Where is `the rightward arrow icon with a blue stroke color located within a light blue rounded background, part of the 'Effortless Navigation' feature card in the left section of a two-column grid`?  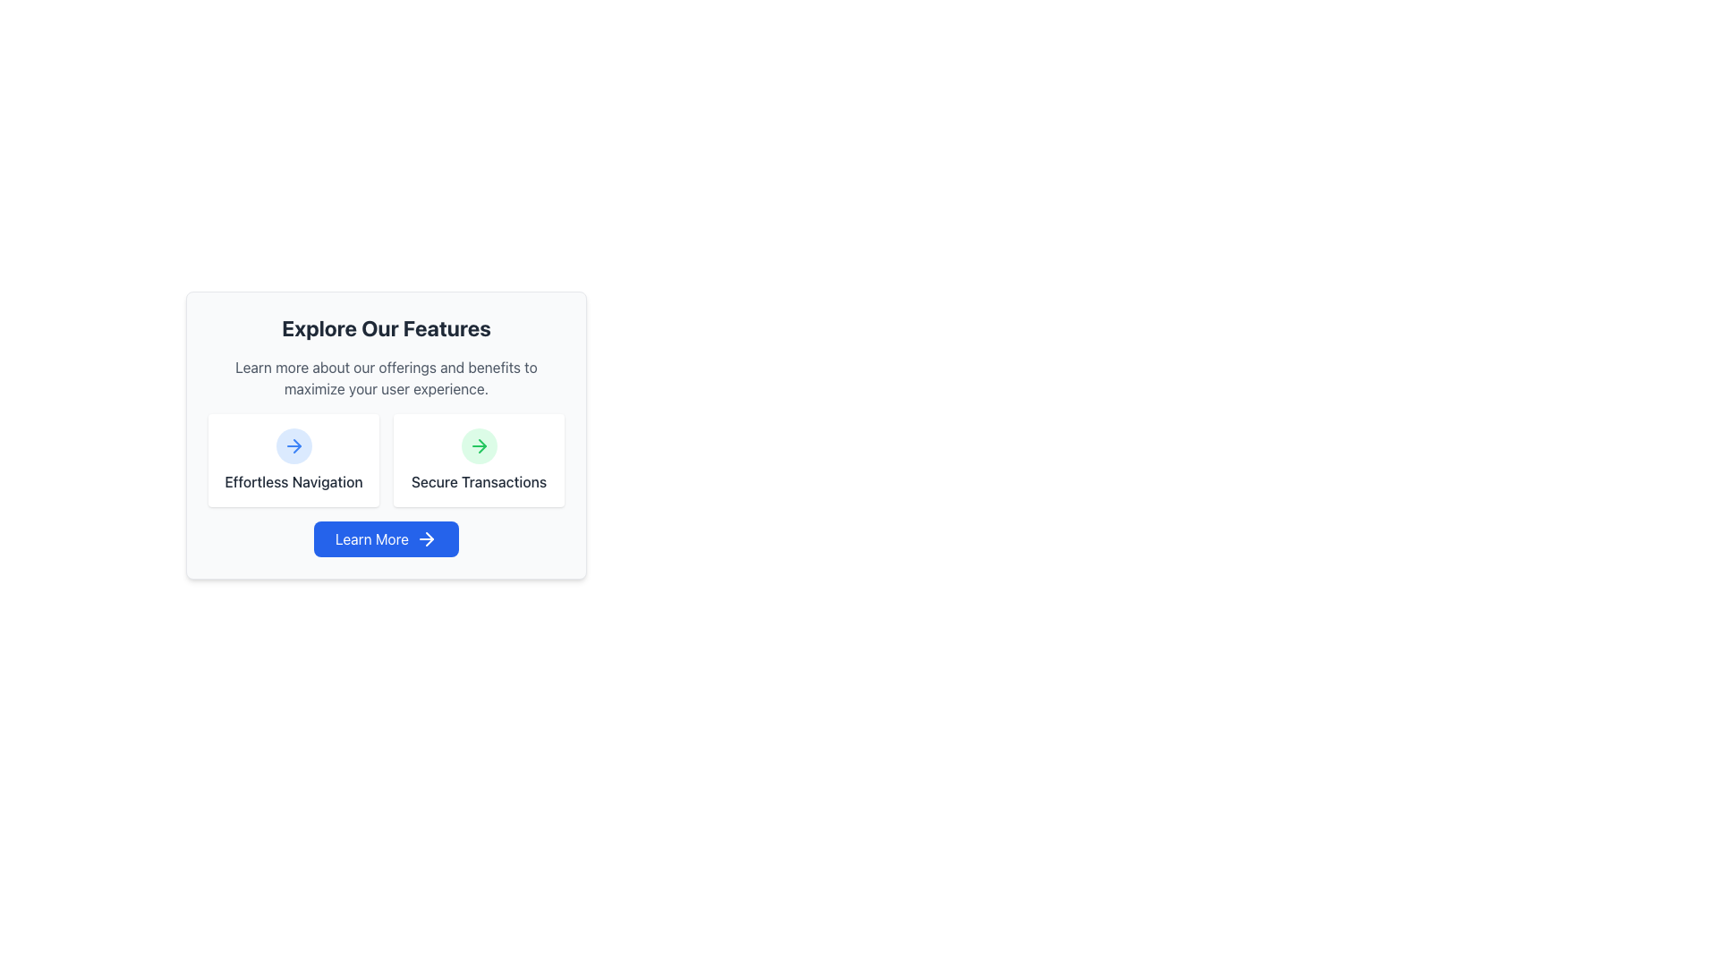 the rightward arrow icon with a blue stroke color located within a light blue rounded background, part of the 'Effortless Navigation' feature card in the left section of a two-column grid is located at coordinates (293, 445).